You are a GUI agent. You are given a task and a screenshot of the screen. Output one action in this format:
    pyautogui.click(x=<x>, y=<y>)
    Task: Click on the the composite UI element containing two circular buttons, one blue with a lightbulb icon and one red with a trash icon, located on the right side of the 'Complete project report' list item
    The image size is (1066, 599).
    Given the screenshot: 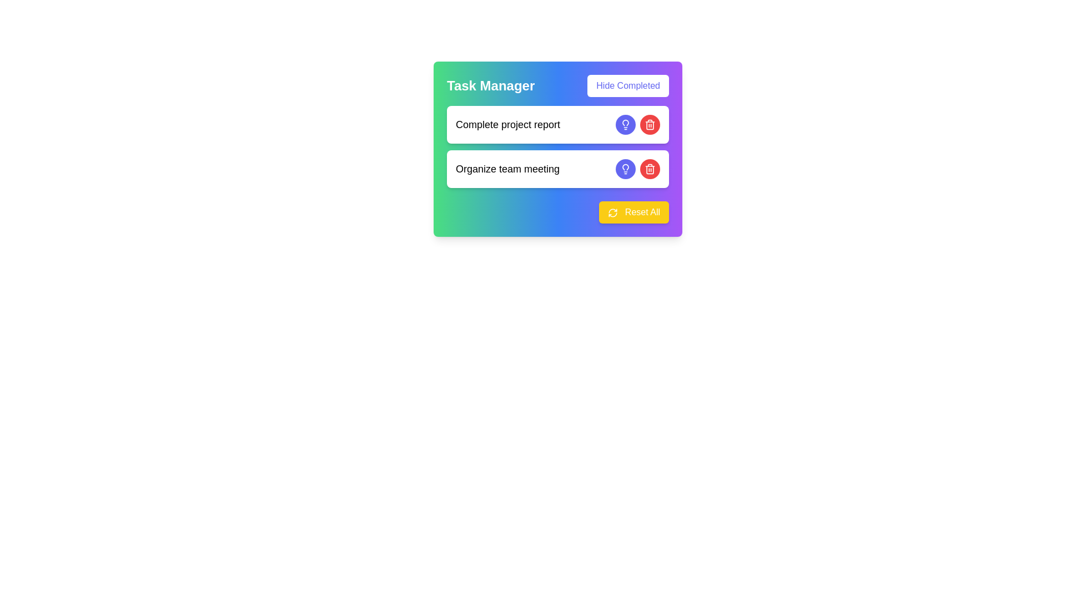 What is the action you would take?
    pyautogui.click(x=637, y=124)
    